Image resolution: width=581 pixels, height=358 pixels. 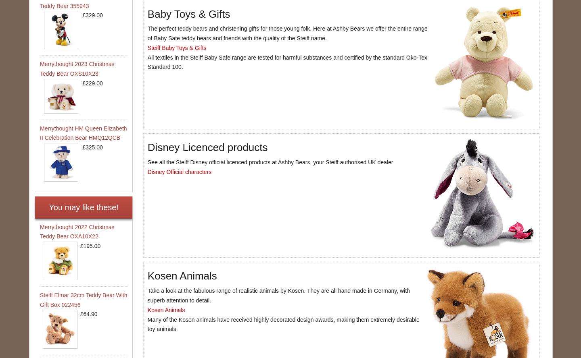 I want to click on 'Baby Toys & Gifts', so click(x=188, y=13).